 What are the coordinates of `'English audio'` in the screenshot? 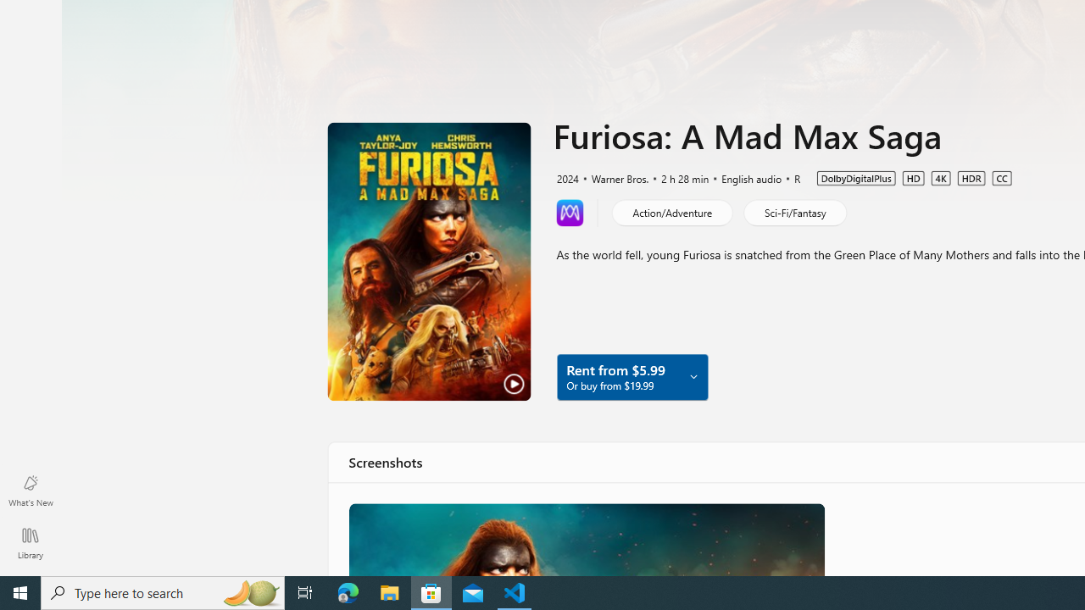 It's located at (743, 177).